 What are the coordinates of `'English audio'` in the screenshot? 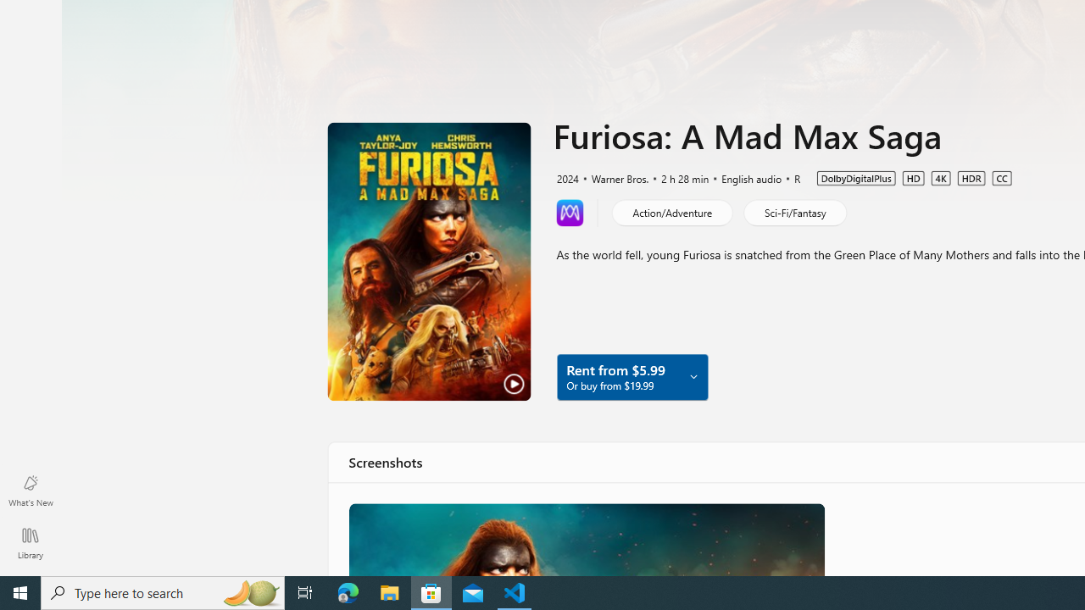 It's located at (743, 177).